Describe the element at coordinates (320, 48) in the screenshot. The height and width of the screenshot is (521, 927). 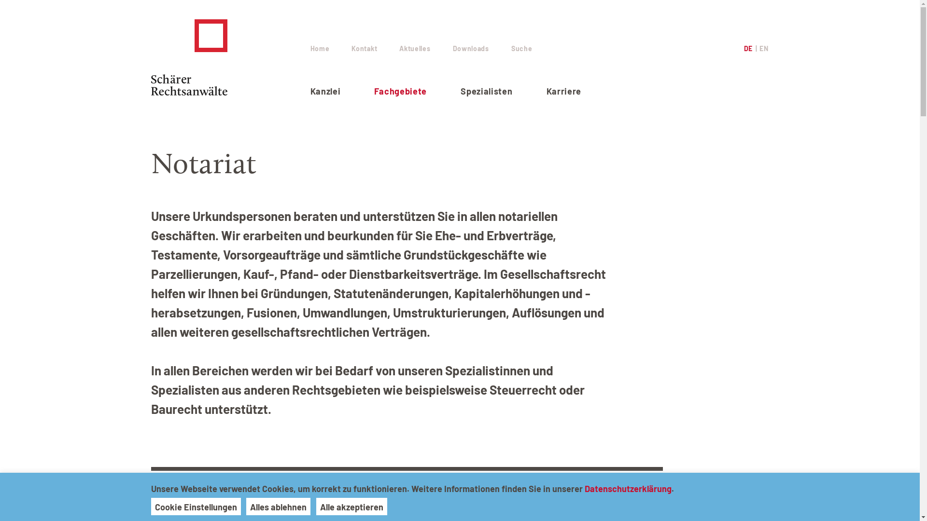
I see `'Home'` at that location.